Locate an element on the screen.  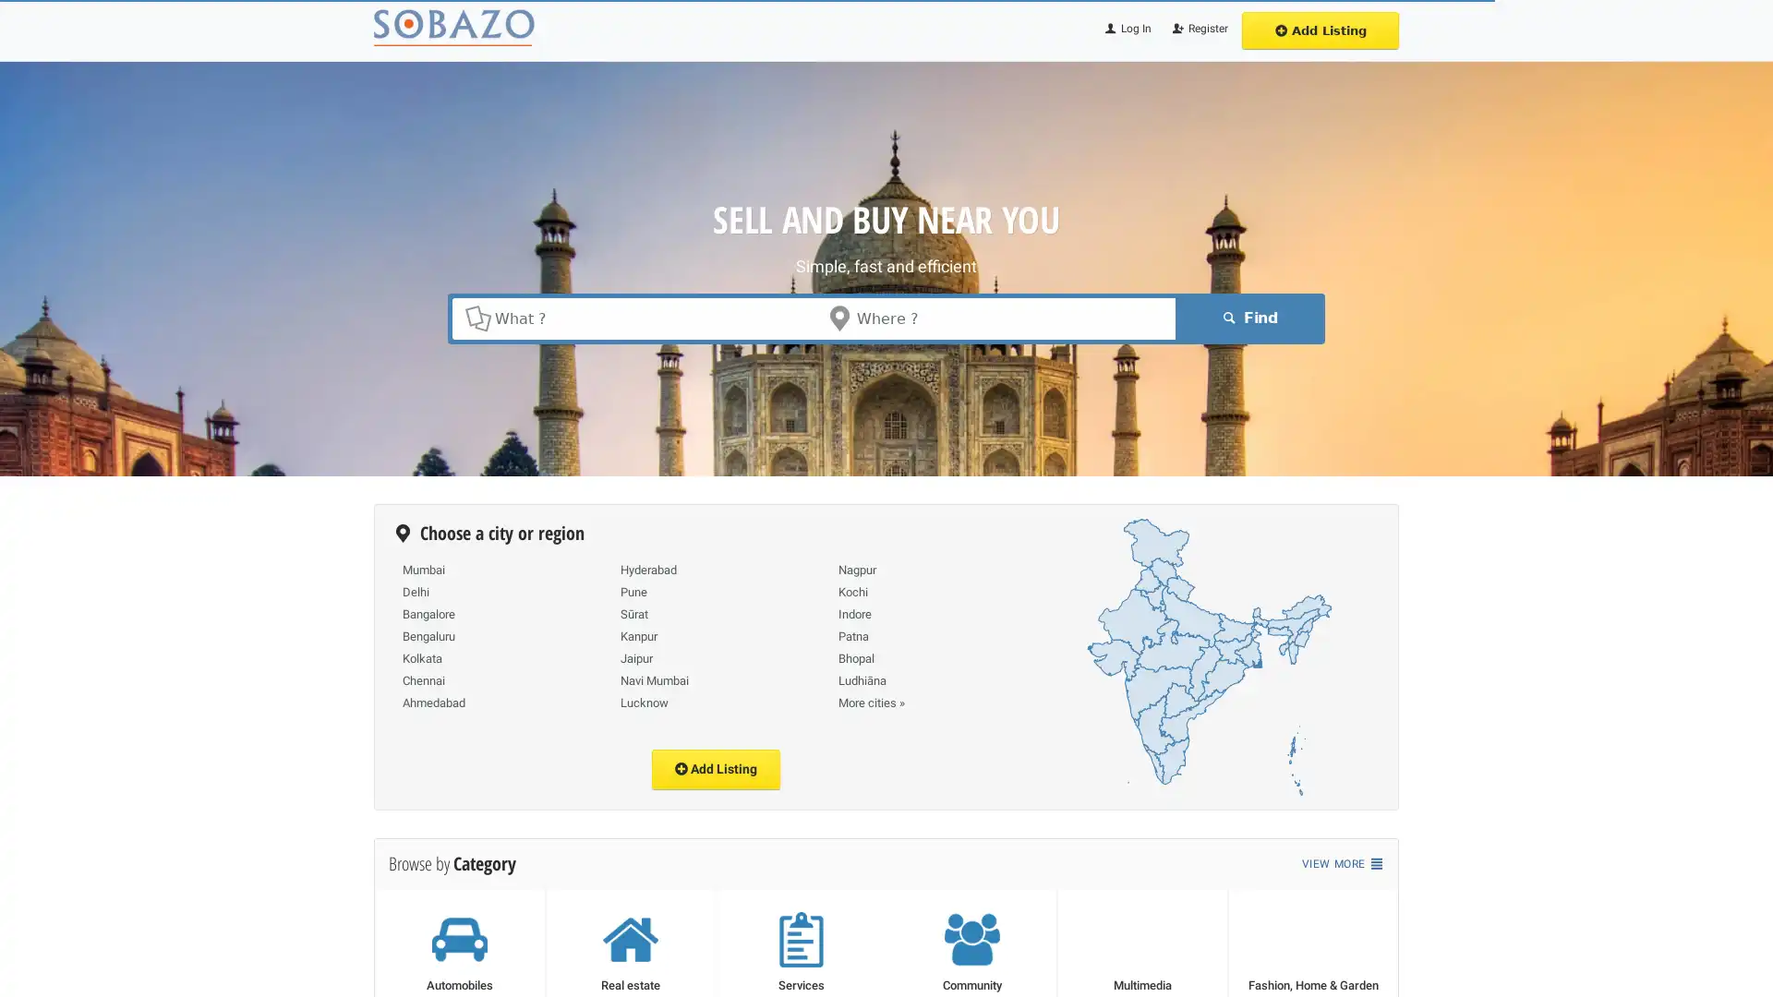
Find is located at coordinates (1247, 317).